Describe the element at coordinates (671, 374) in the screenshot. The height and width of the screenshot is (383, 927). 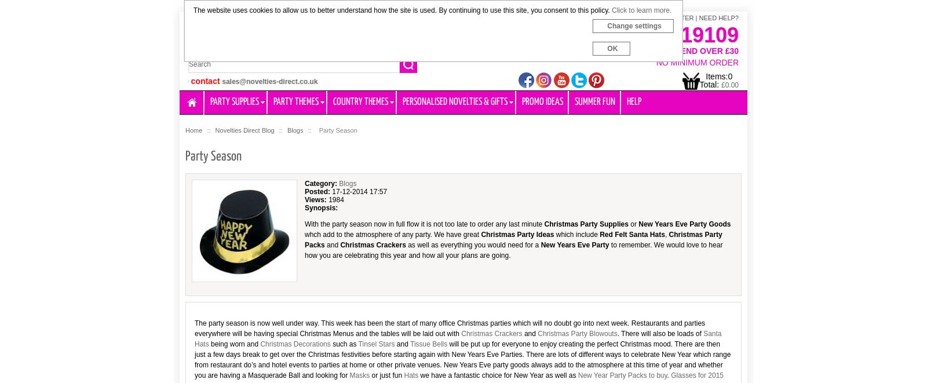
I see `'Glasses for 2015'` at that location.